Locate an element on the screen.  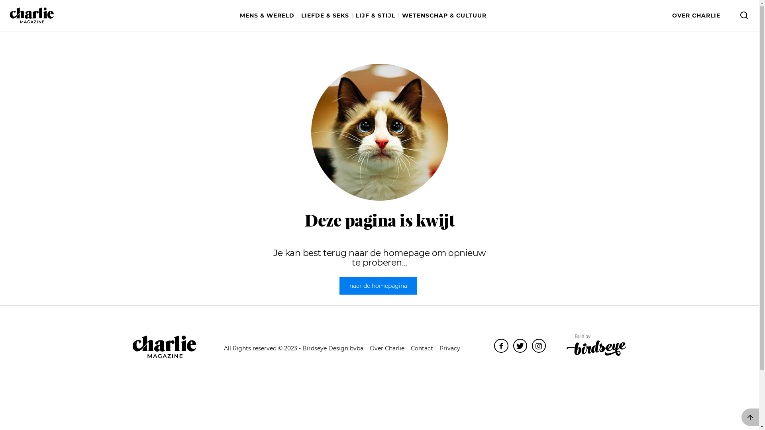
'Over Charlie' is located at coordinates (387, 348).